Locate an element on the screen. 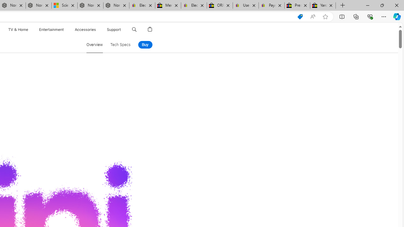 The width and height of the screenshot is (404, 227). 'Nordace - FAQ' is located at coordinates (116, 5).